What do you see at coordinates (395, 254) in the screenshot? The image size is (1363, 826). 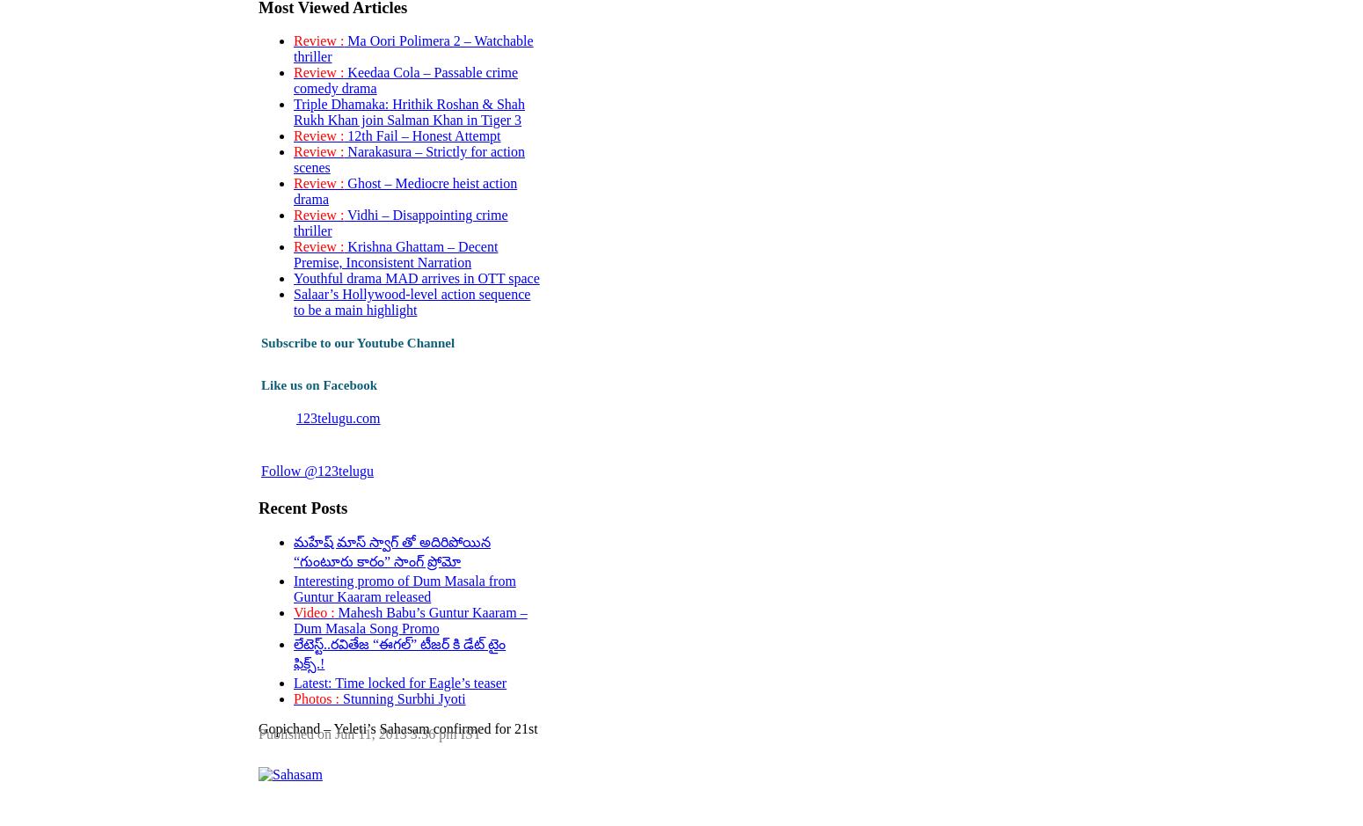 I see `'Krishna Ghattam – Decent Premise, Inconsistent Narration'` at bounding box center [395, 254].